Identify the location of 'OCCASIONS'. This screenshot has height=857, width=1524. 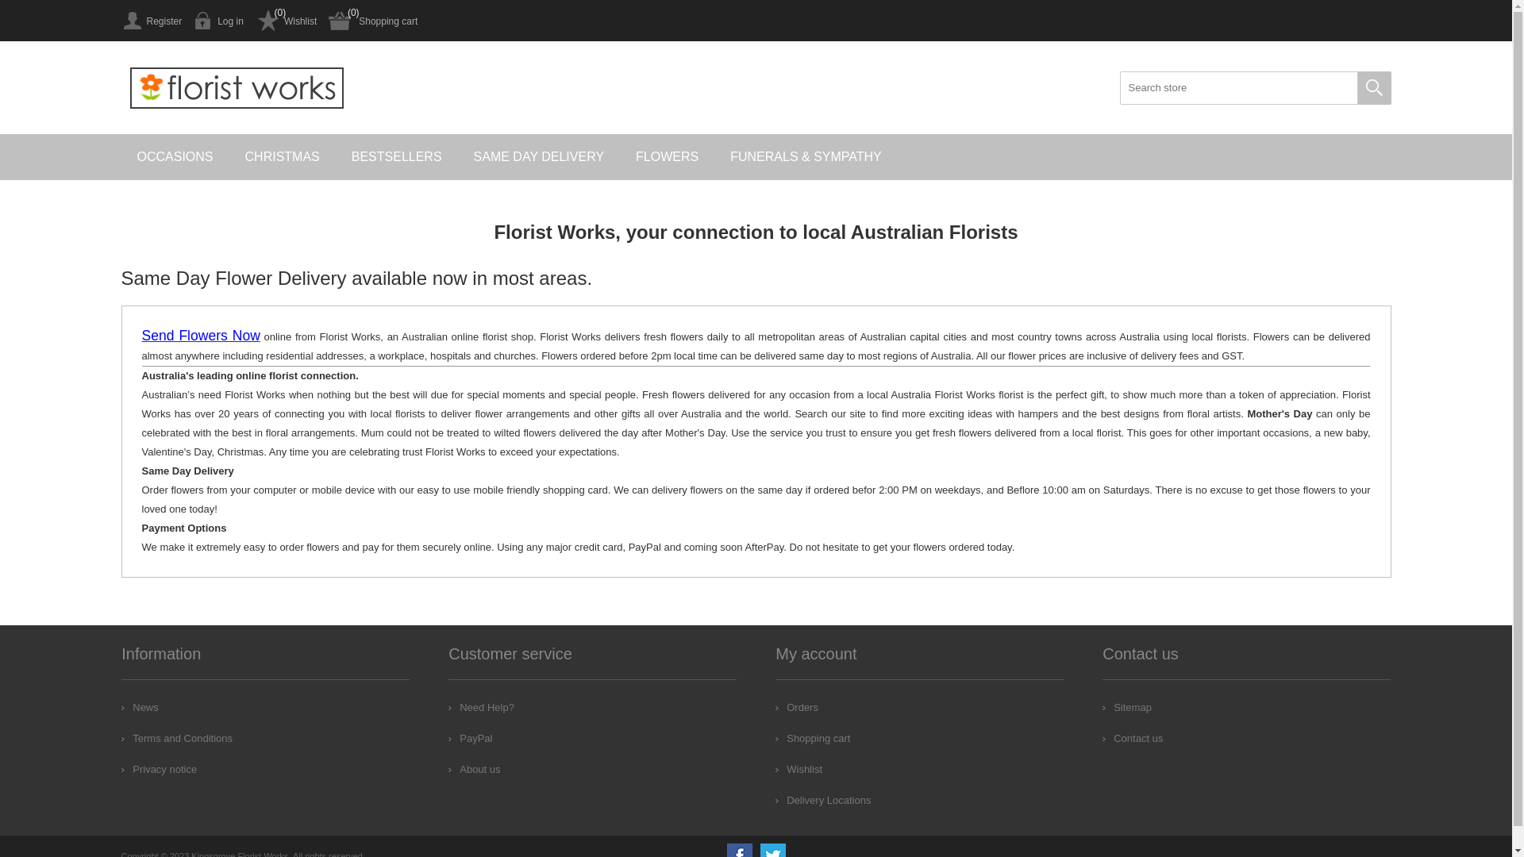
(175, 156).